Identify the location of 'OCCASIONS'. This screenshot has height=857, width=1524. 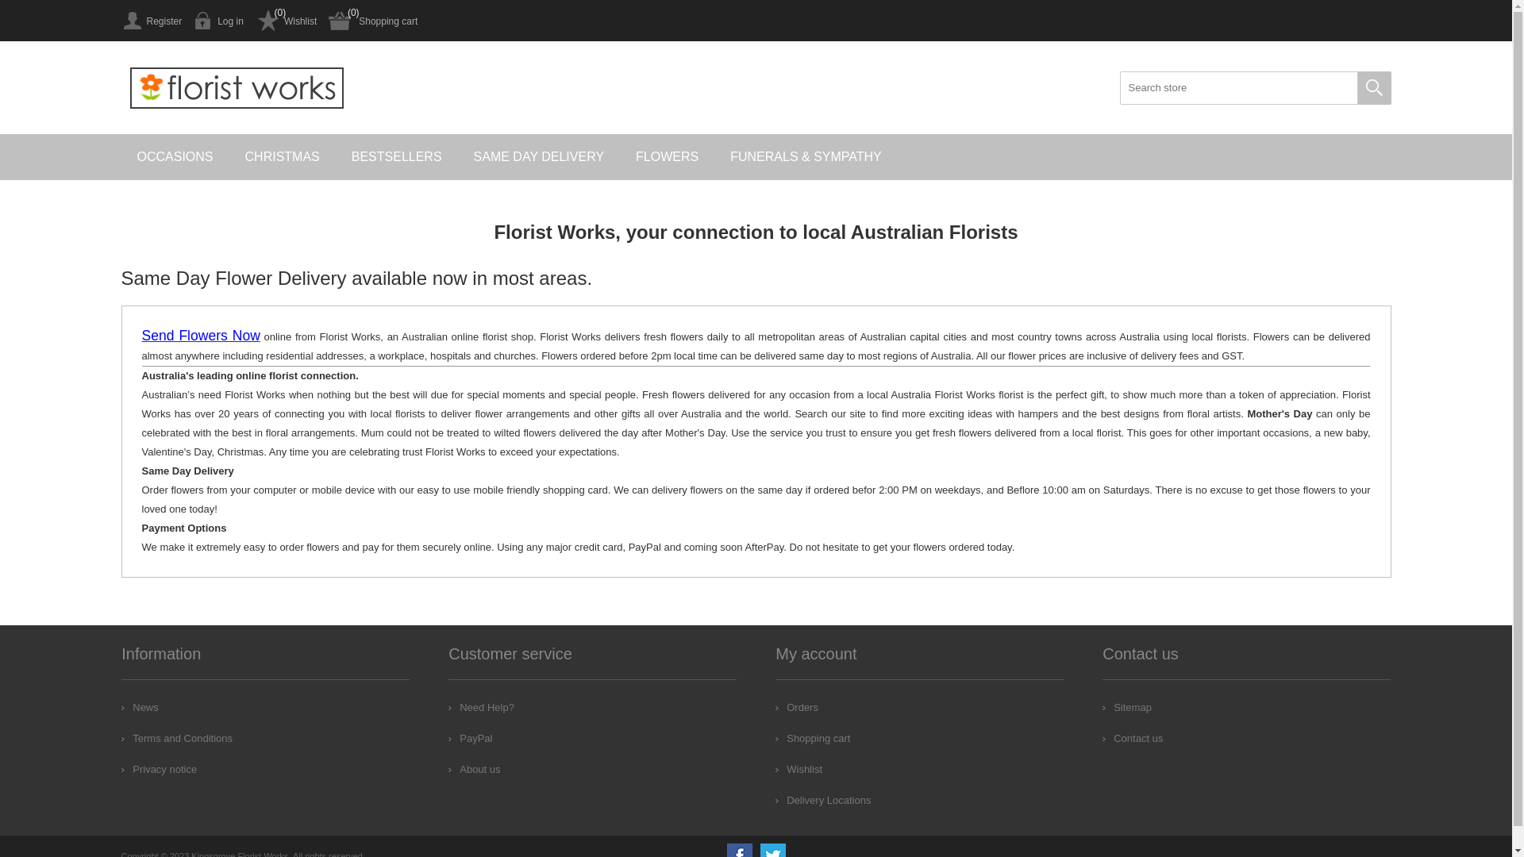
(175, 156).